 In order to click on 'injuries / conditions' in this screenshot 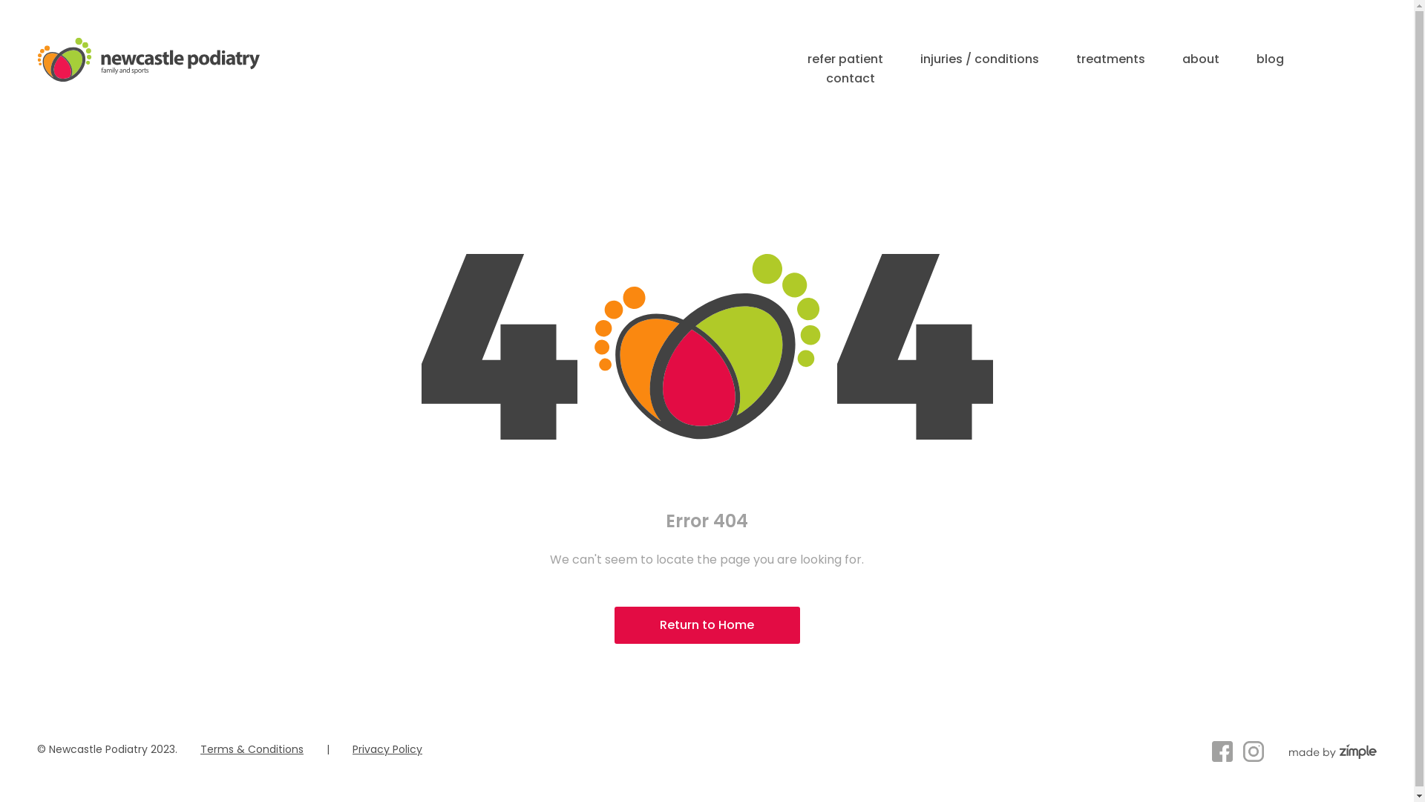, I will do `click(980, 58)`.